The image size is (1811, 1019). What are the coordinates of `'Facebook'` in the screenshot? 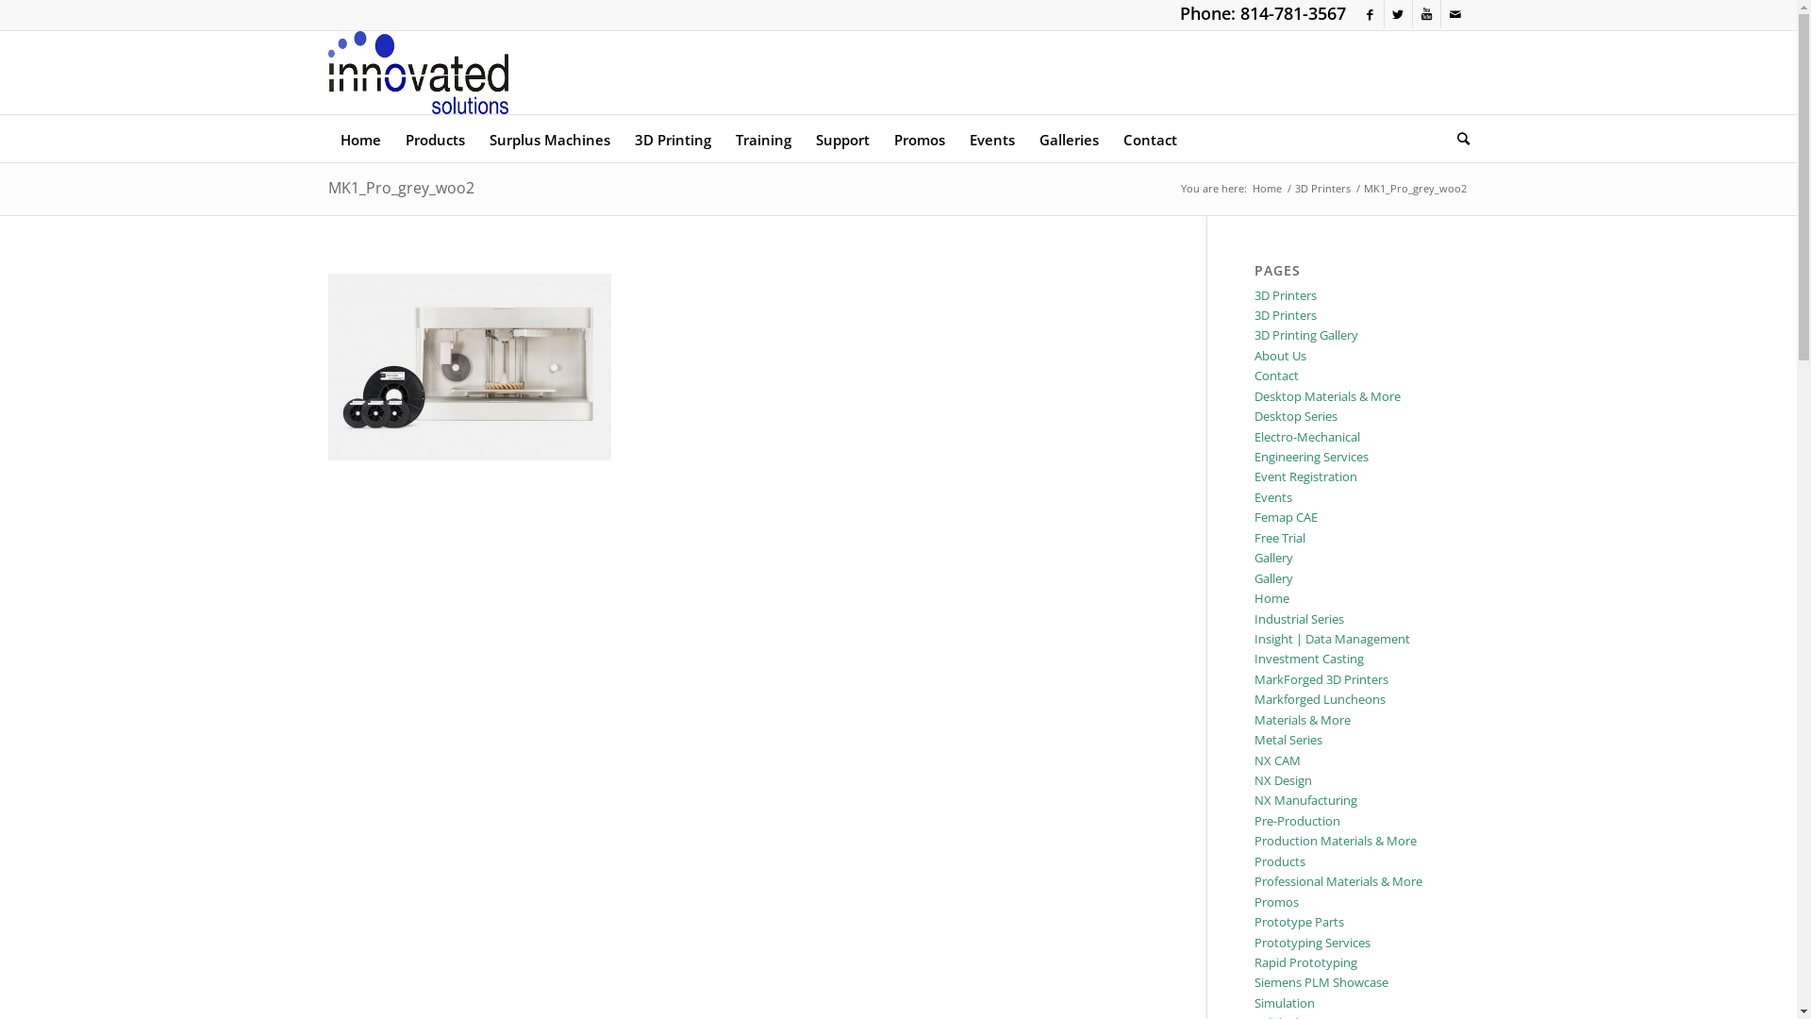 It's located at (1370, 14).